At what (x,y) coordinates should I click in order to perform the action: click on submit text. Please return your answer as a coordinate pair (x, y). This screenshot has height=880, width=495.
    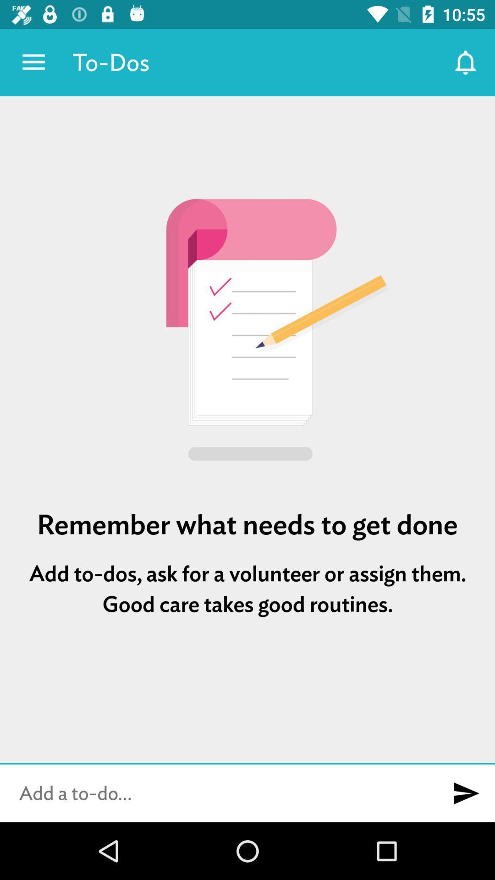
    Looking at the image, I should click on (466, 793).